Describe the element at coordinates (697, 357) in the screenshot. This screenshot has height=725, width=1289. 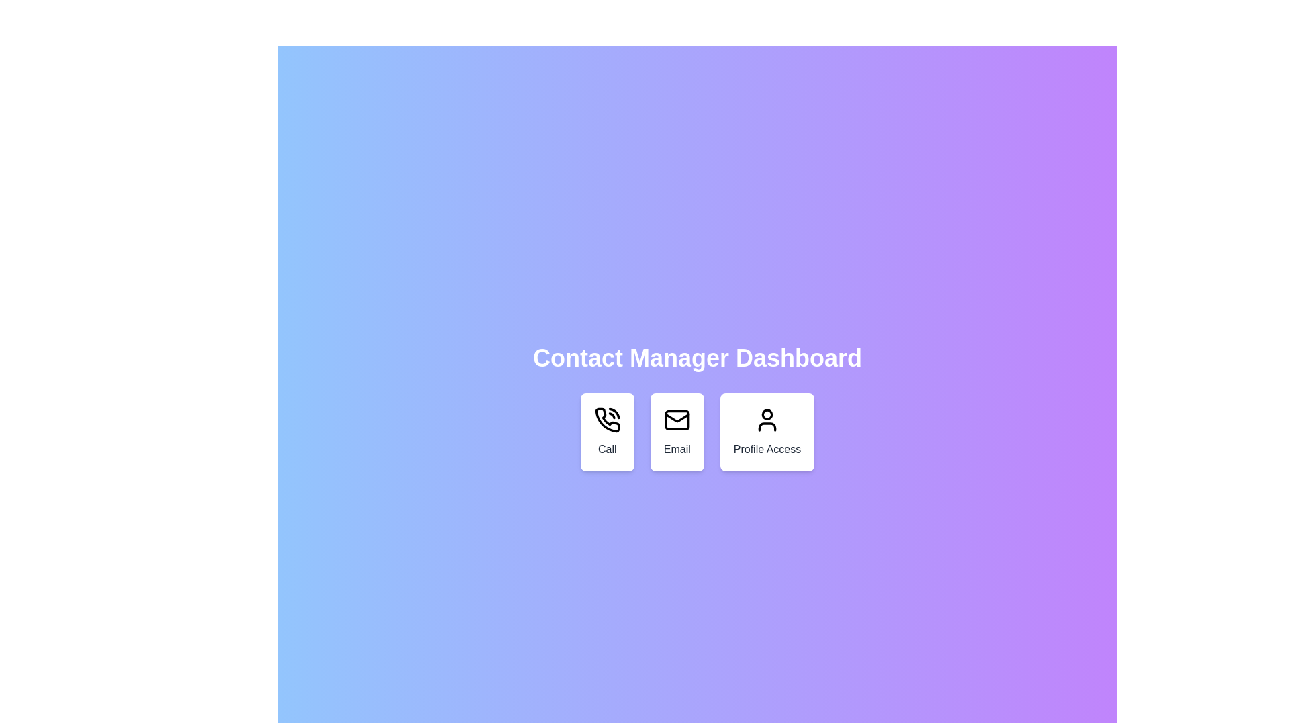
I see `the prominent header label that indicates the title or purpose of the interface, located at the center-top above the action buttons 'Call', 'Email', and 'Profile Access'` at that location.